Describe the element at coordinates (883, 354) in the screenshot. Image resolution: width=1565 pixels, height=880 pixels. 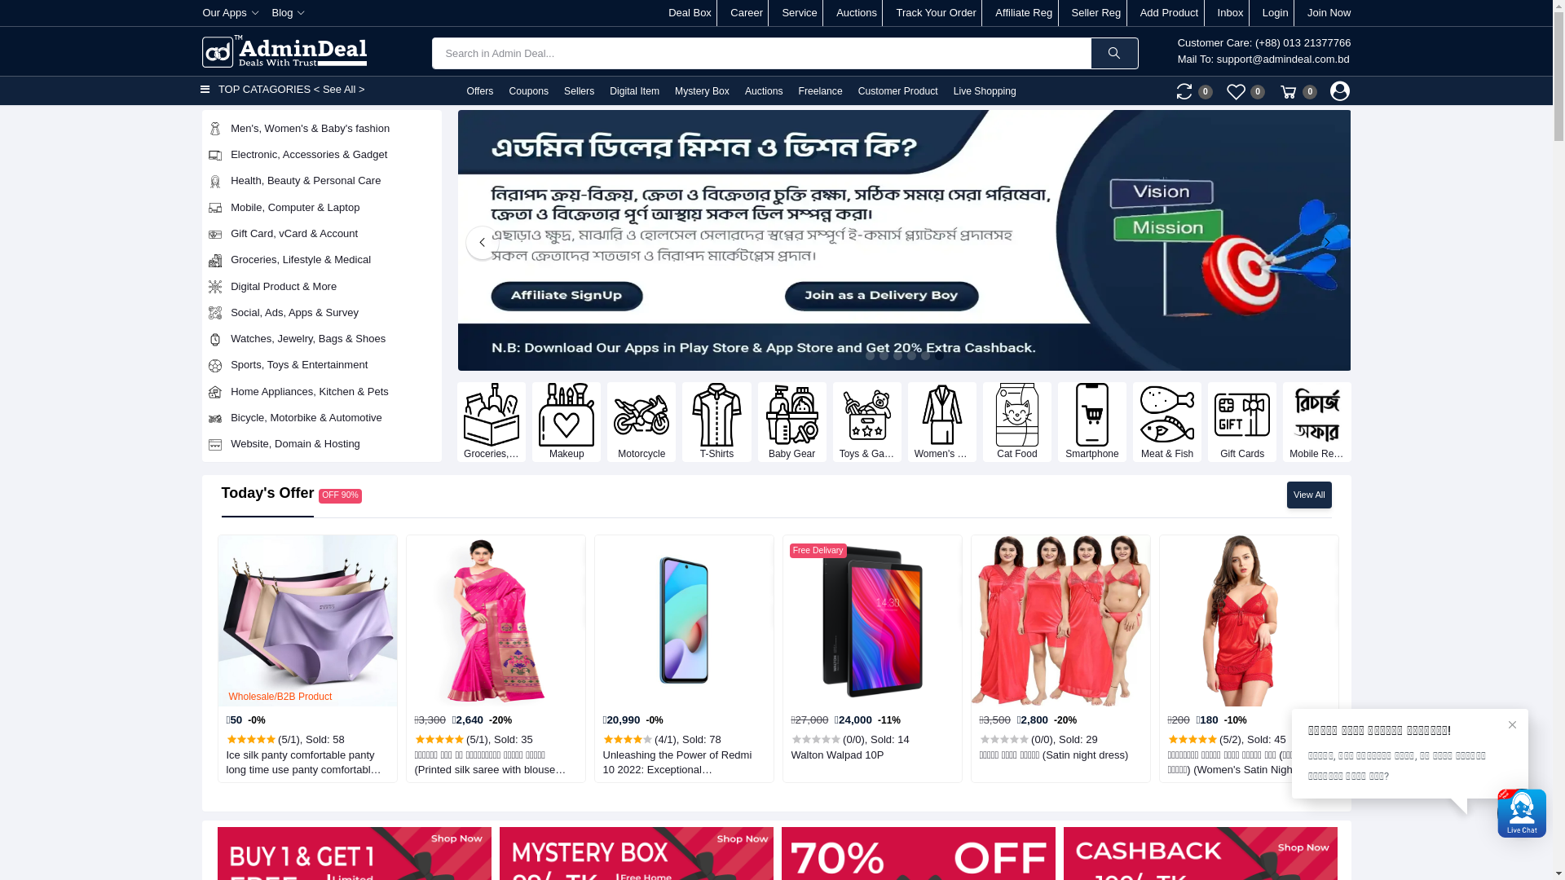
I see `'2'` at that location.